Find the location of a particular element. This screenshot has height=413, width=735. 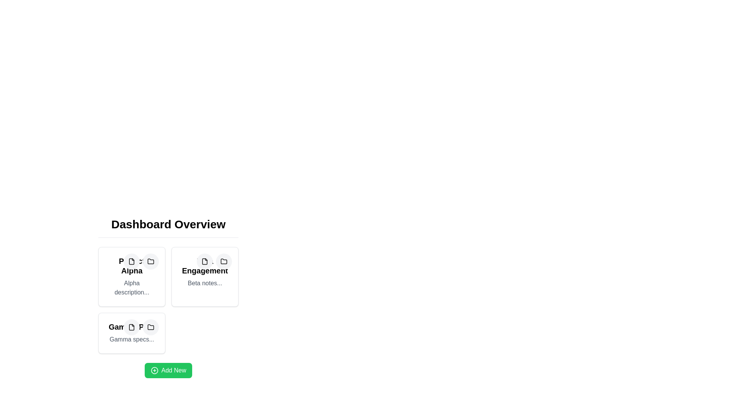

the minimalistic folder icon located in the right section of the button within the 'Engagement' card is located at coordinates (224, 261).